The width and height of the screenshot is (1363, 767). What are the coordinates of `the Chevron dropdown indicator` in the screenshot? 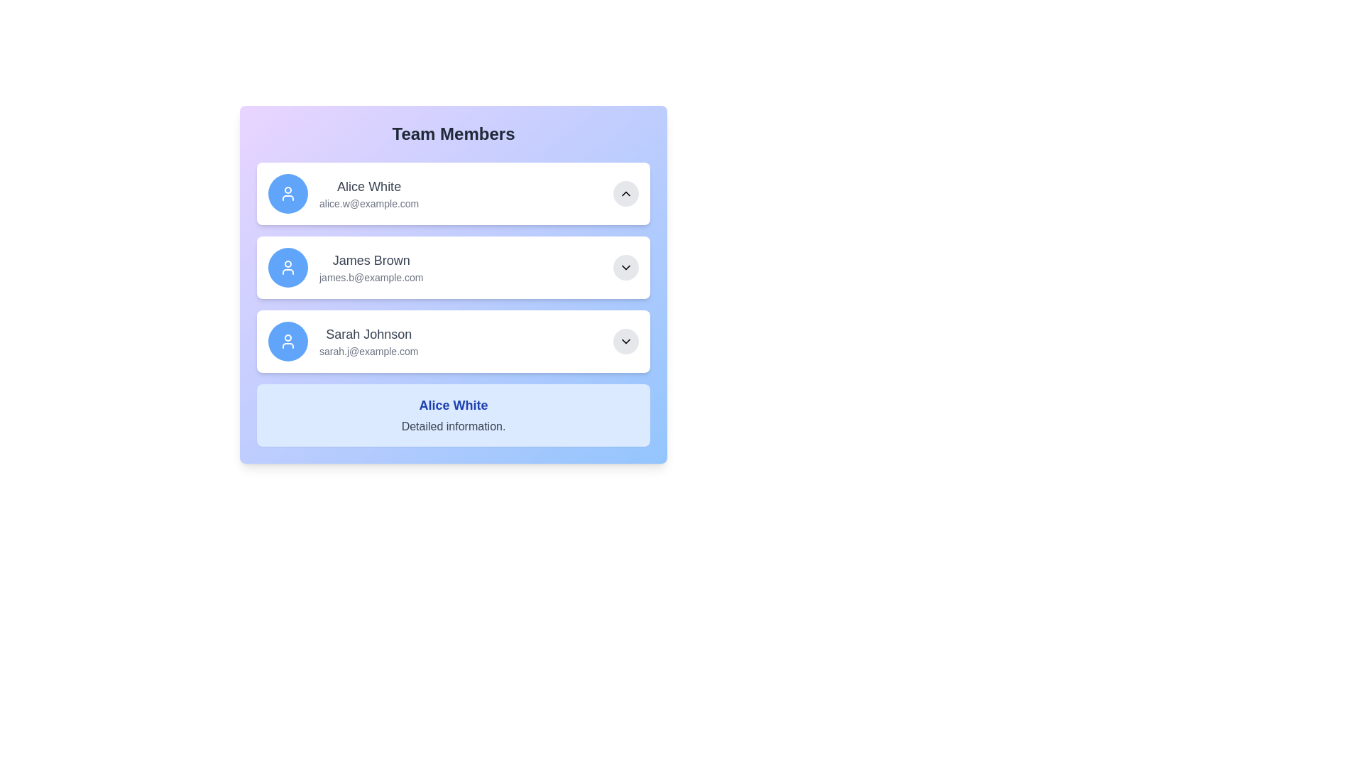 It's located at (625, 342).